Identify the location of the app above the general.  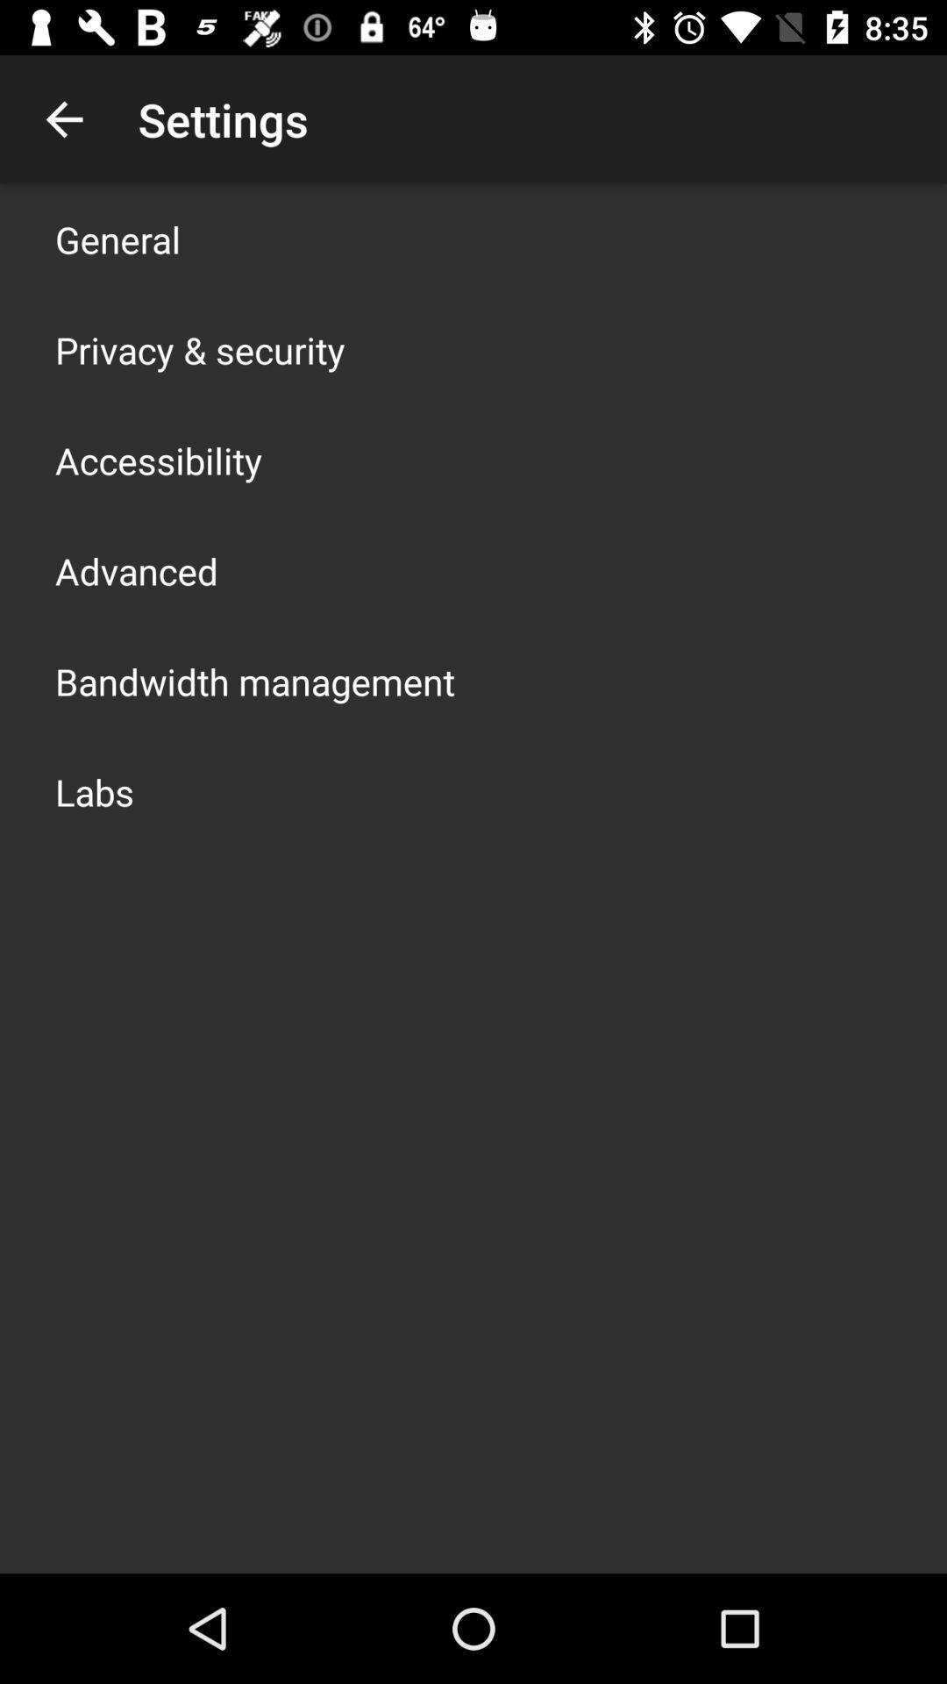
(63, 118).